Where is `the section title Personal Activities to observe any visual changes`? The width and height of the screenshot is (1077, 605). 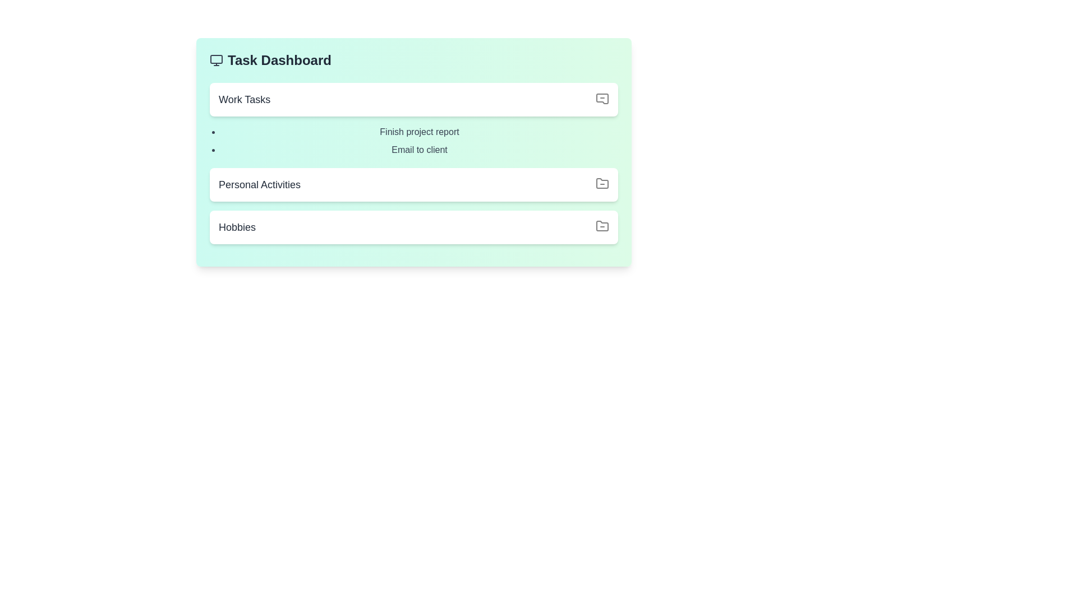
the section title Personal Activities to observe any visual changes is located at coordinates (413, 184).